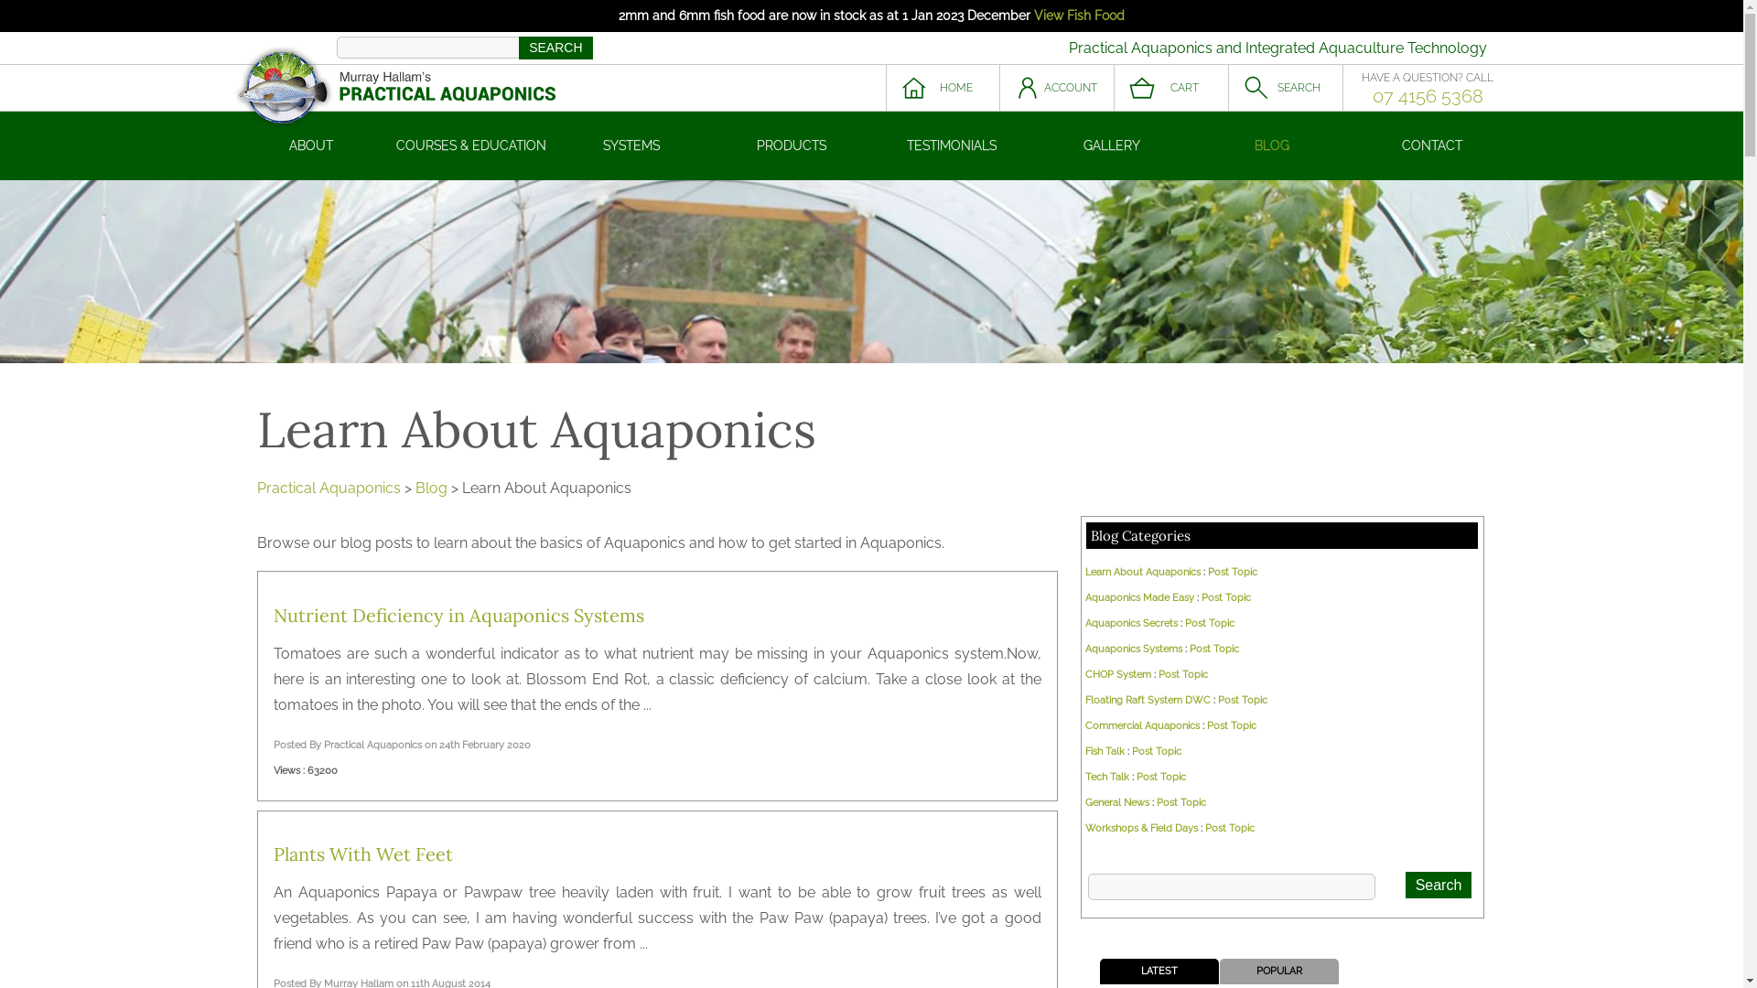 The height and width of the screenshot is (988, 1757). I want to click on 'GALLERY', so click(1111, 145).